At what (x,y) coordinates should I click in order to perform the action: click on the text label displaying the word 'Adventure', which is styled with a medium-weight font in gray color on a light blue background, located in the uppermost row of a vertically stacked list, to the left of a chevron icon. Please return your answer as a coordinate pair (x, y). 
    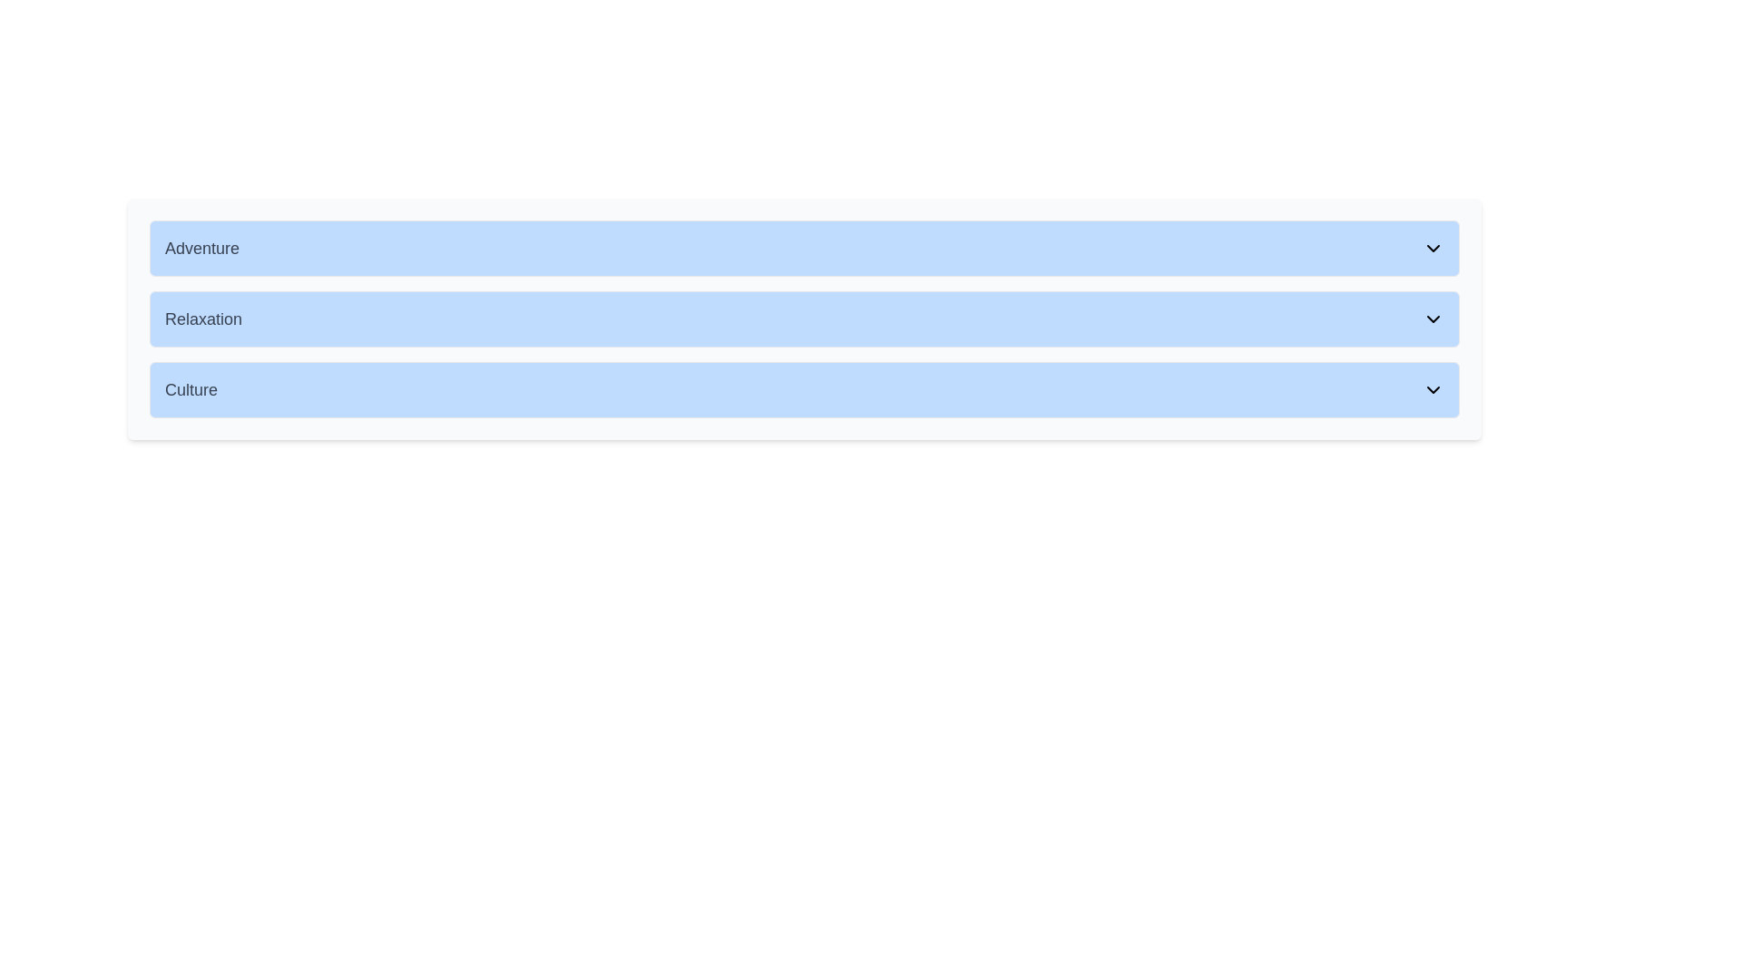
    Looking at the image, I should click on (202, 248).